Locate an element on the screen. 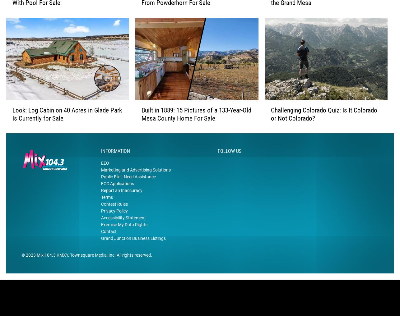 This screenshot has width=400, height=316. 'Grand Junction Business Listings' is located at coordinates (133, 248).